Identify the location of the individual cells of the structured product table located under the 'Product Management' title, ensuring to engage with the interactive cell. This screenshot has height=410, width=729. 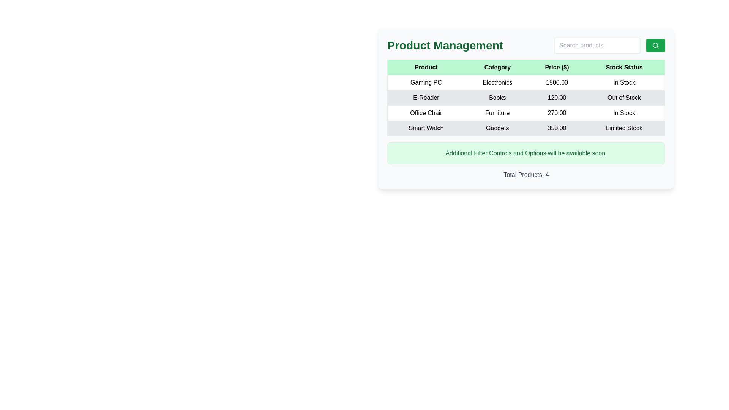
(526, 108).